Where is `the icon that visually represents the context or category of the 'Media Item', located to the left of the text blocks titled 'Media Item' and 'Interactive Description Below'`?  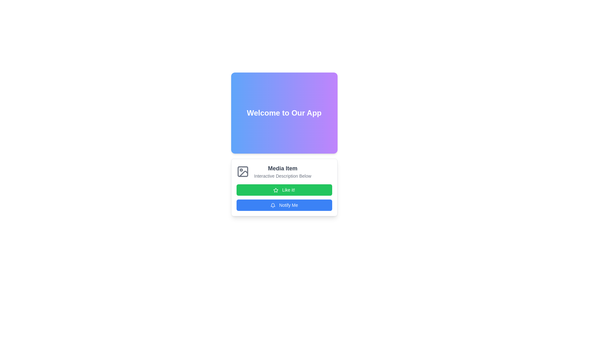
the icon that visually represents the context or category of the 'Media Item', located to the left of the text blocks titled 'Media Item' and 'Interactive Description Below' is located at coordinates (242, 172).